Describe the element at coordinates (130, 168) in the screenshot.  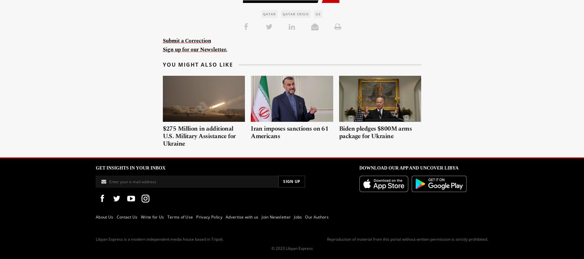
I see `'Get Insights in your inbox'` at that location.